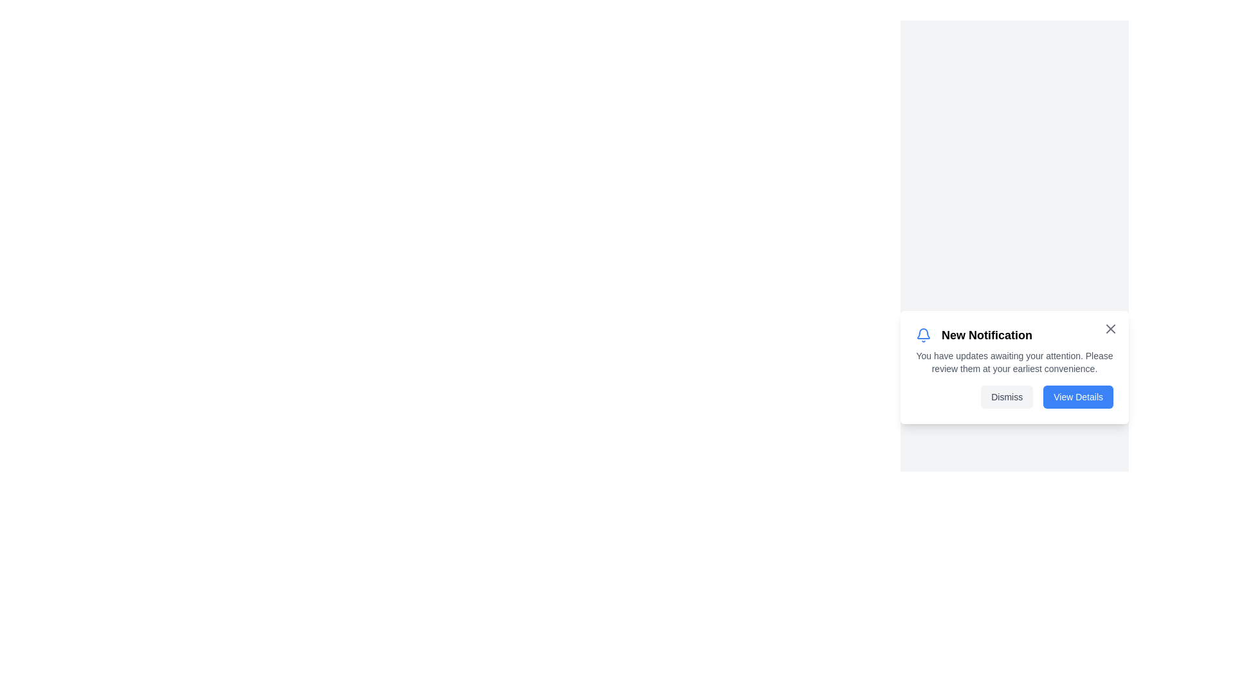  I want to click on the 'View Details' button to view more information about the notification, so click(1077, 396).